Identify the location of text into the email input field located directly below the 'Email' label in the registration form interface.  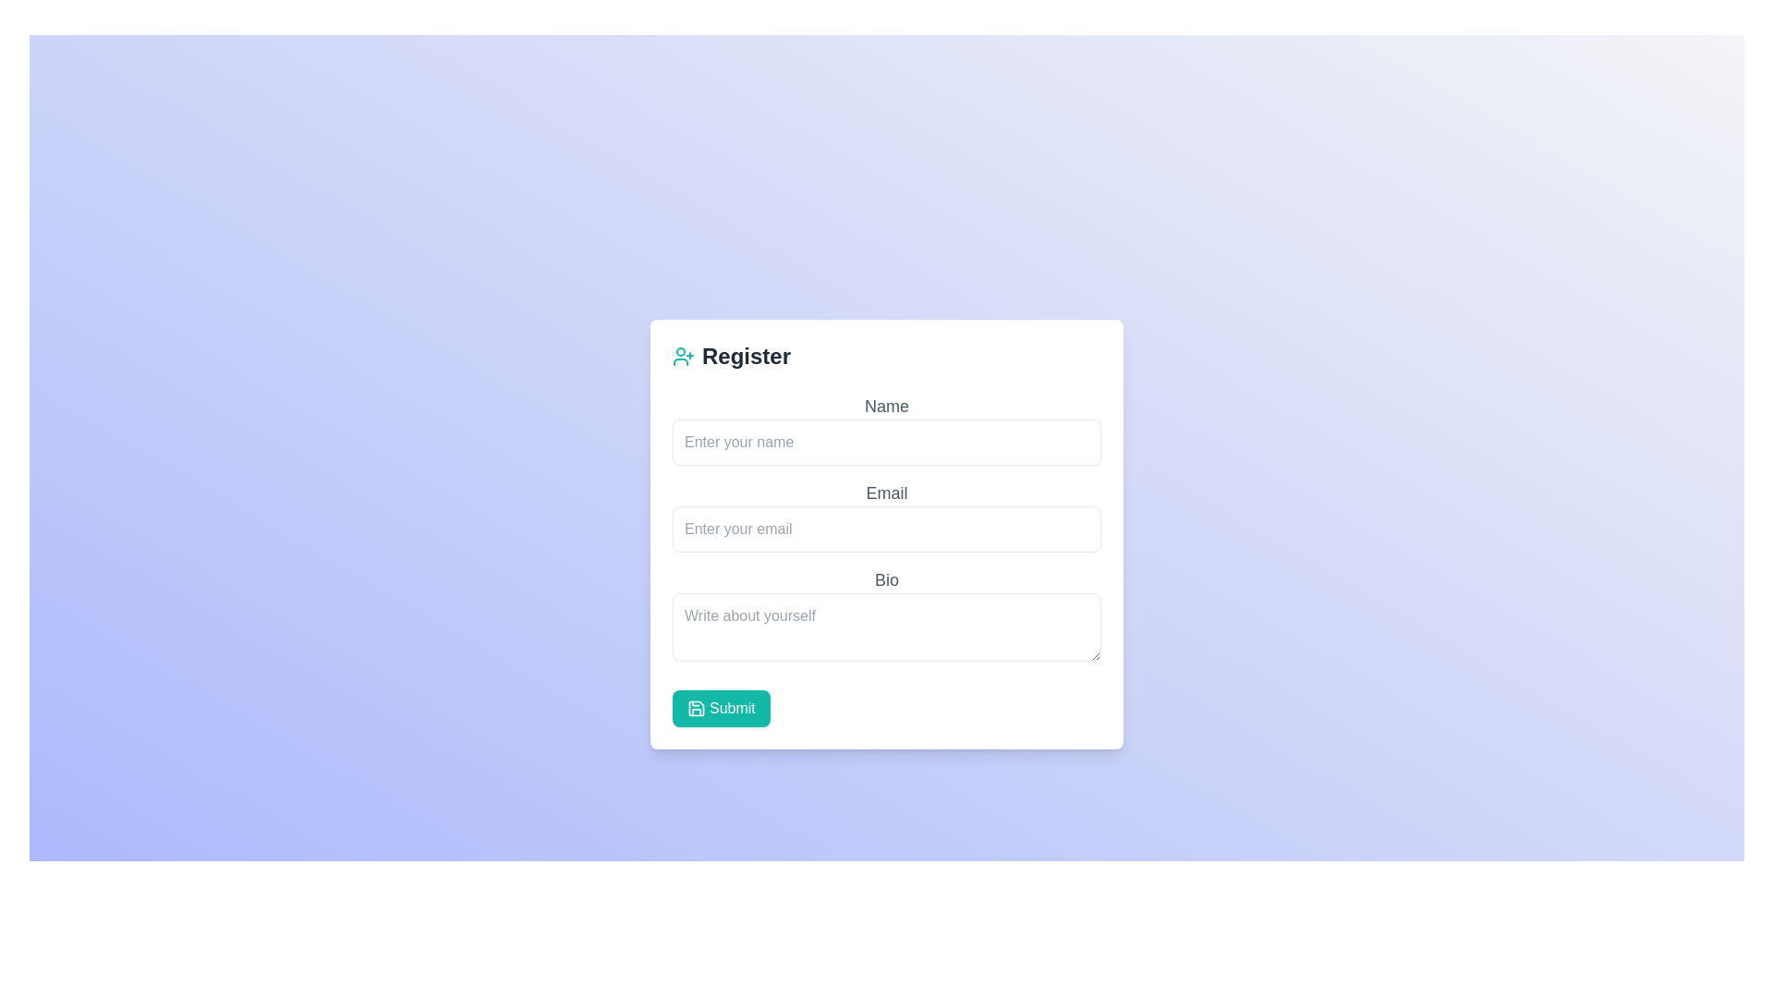
(887, 529).